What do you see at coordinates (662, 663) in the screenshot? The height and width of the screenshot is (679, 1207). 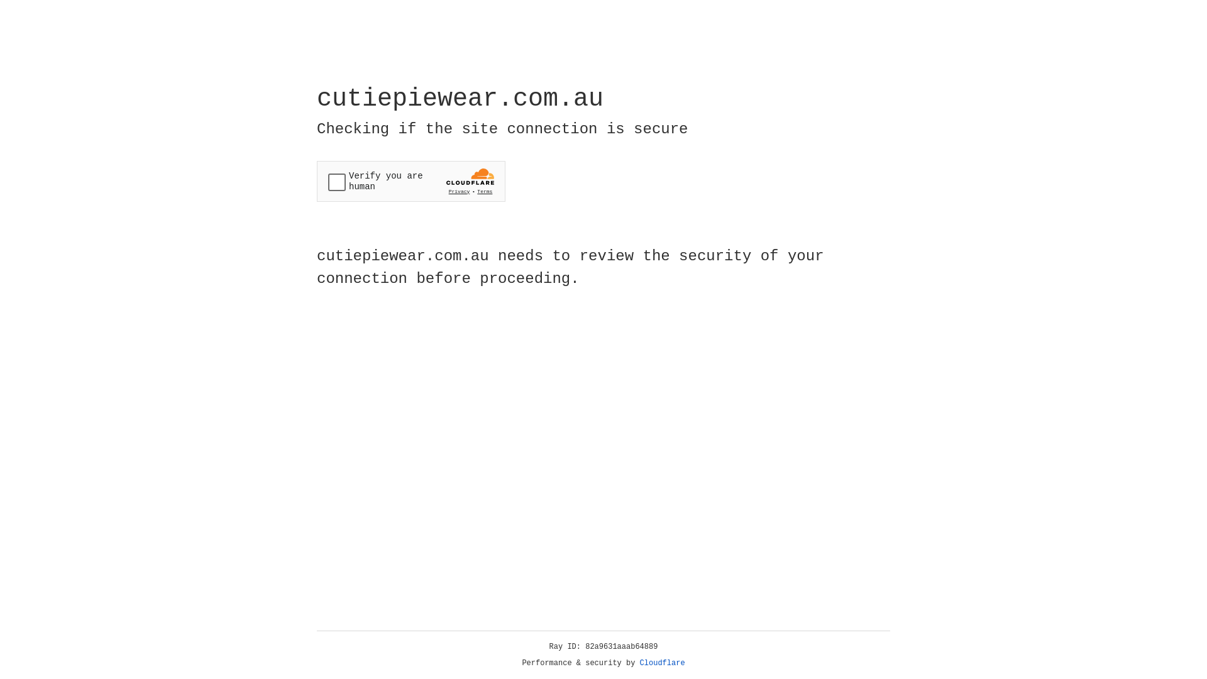 I see `'Cloudflare'` at bounding box center [662, 663].